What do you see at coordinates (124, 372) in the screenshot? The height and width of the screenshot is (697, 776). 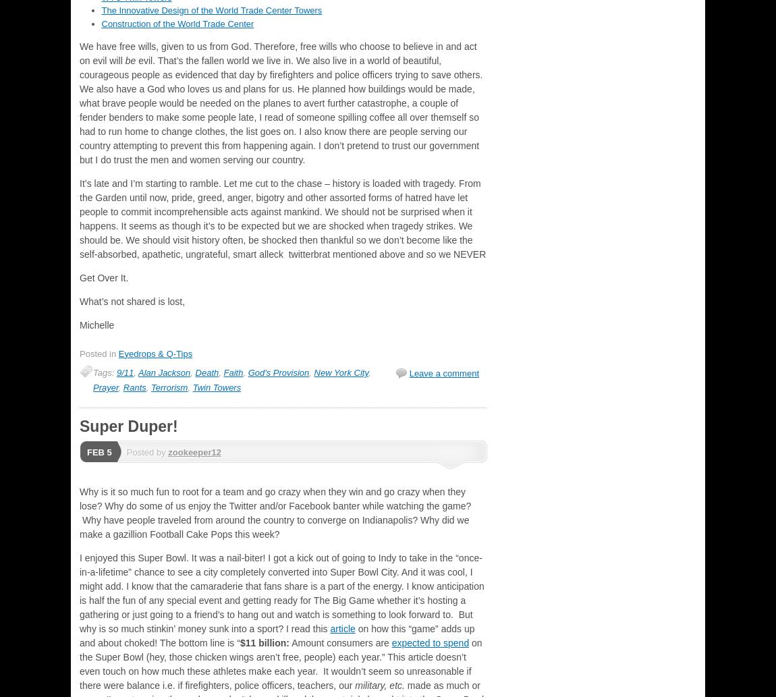 I see `'9/11'` at bounding box center [124, 372].